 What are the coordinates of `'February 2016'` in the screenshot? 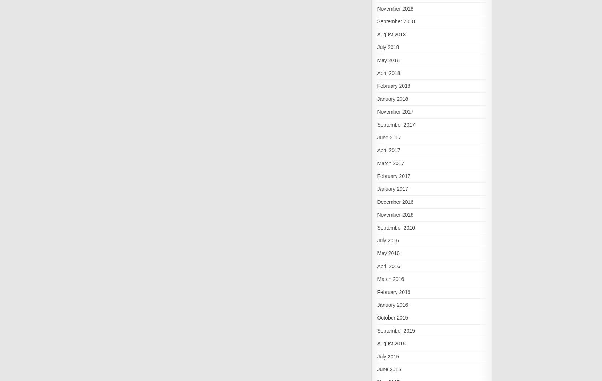 It's located at (393, 291).